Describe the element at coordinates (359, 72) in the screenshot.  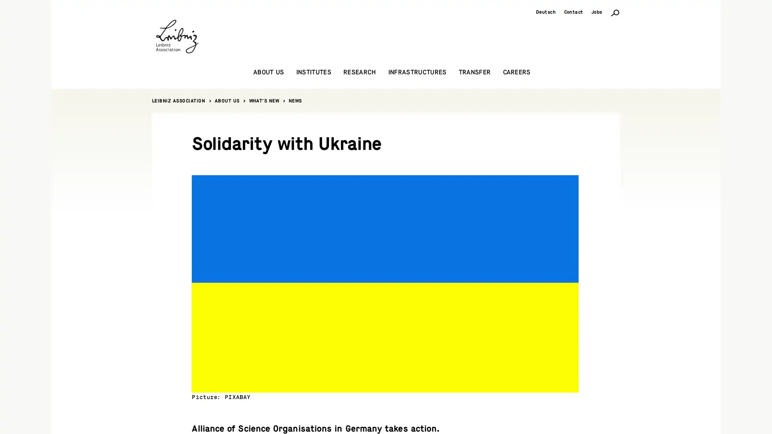
I see `RESEARCH` at that location.